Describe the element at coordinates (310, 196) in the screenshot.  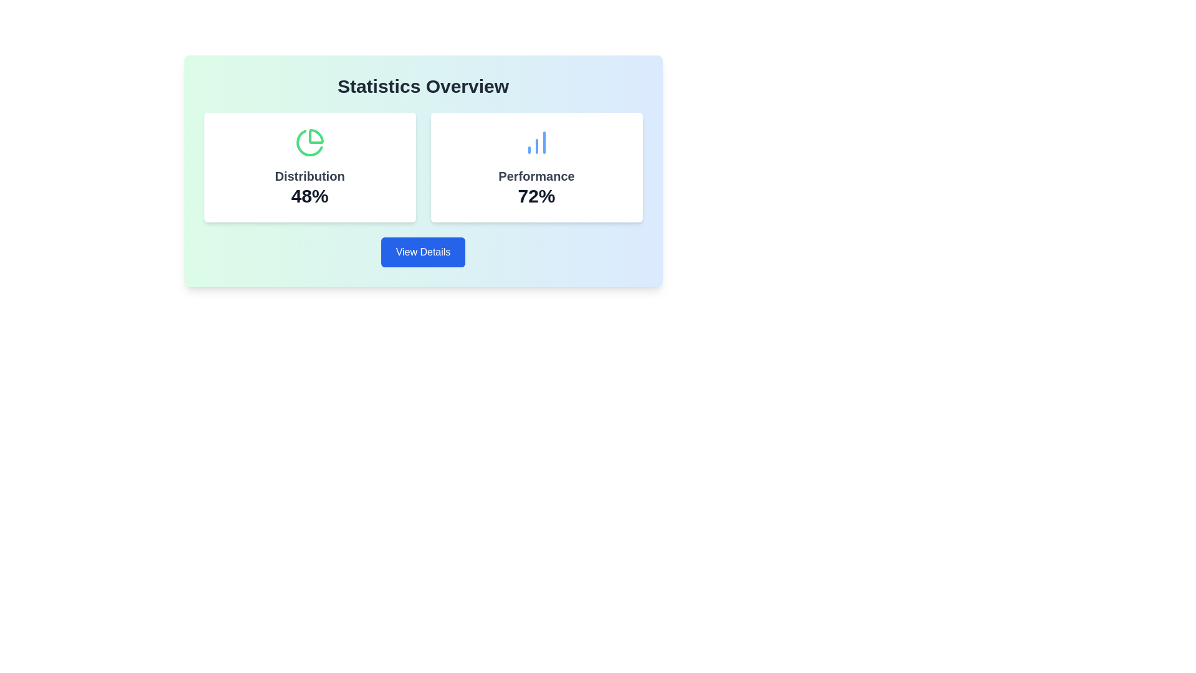
I see `the static Text display element that shows the percentage value of the 'Distribution' metric, located below the 'Distribution' label and above the green pie chart icon` at that location.